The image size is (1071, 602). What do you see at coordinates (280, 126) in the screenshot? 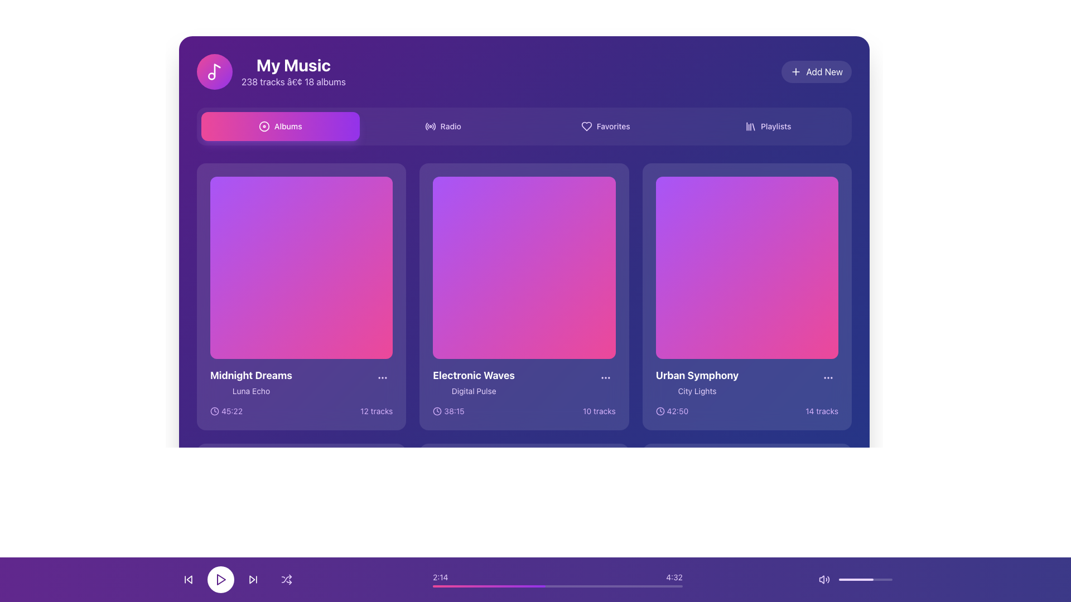
I see `the 'Albums' button, which is styled with a gradient background from pink to purple and features a circular disc icon followed by the text 'Albums' in white, to observe any visual feedback` at bounding box center [280, 126].